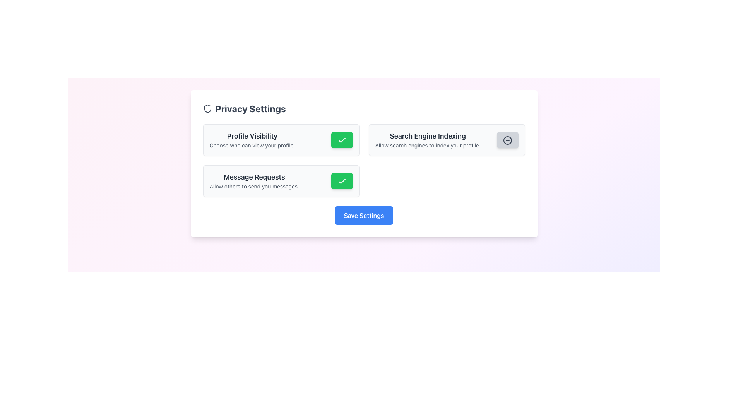 Image resolution: width=743 pixels, height=418 pixels. What do you see at coordinates (281, 181) in the screenshot?
I see `the Informational section featuring the 'Message Requests' checkbox control` at bounding box center [281, 181].